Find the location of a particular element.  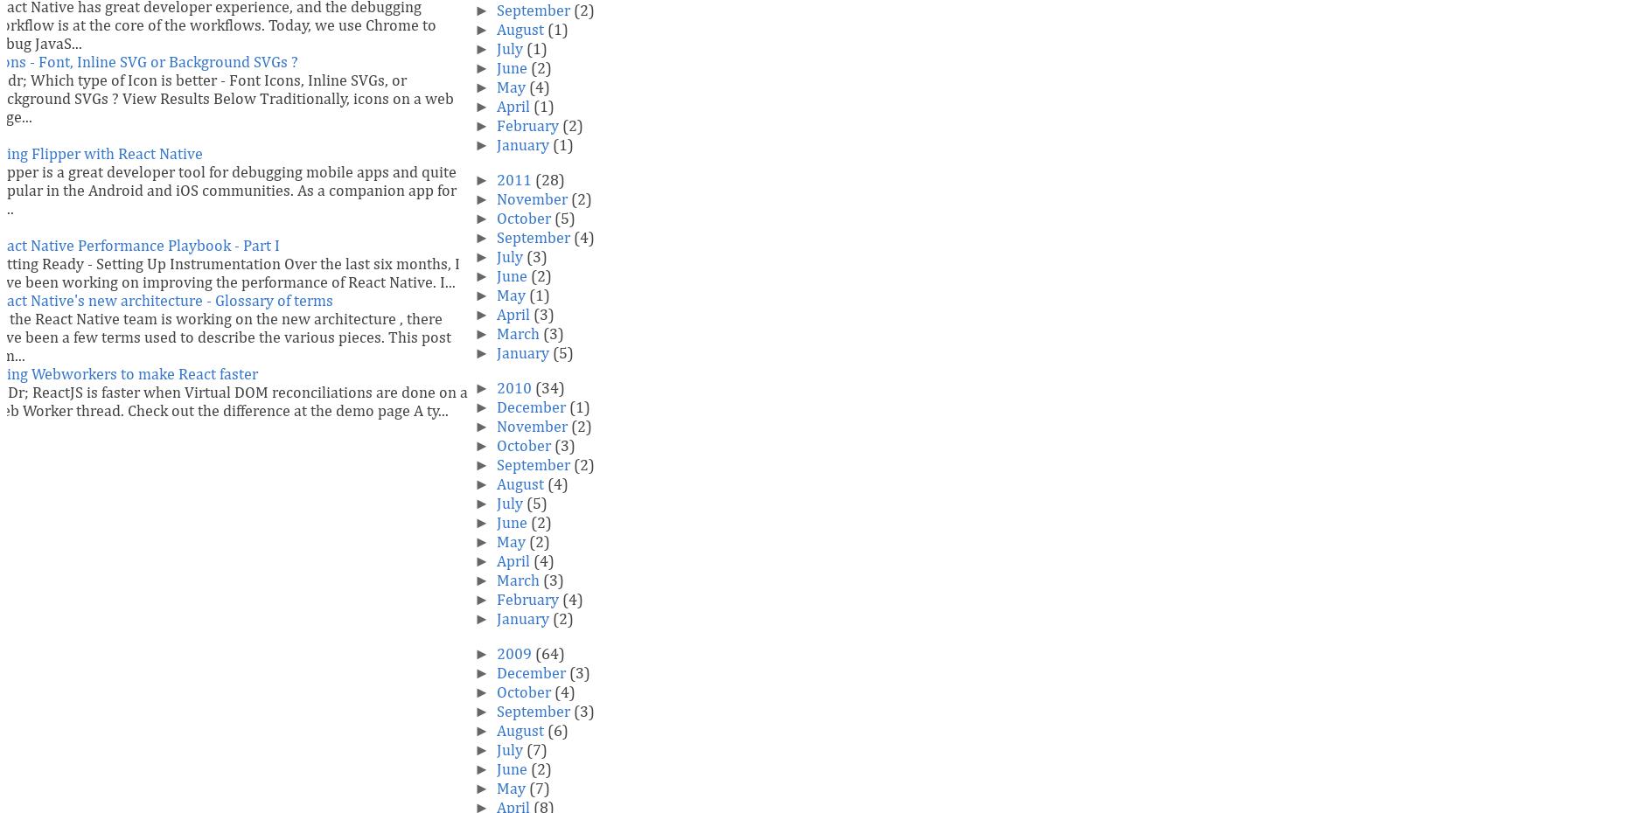

'(64)' is located at coordinates (548, 655).